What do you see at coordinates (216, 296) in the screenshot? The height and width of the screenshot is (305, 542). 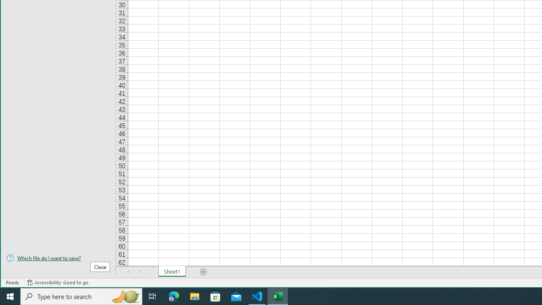 I see `'Microsoft Store'` at bounding box center [216, 296].